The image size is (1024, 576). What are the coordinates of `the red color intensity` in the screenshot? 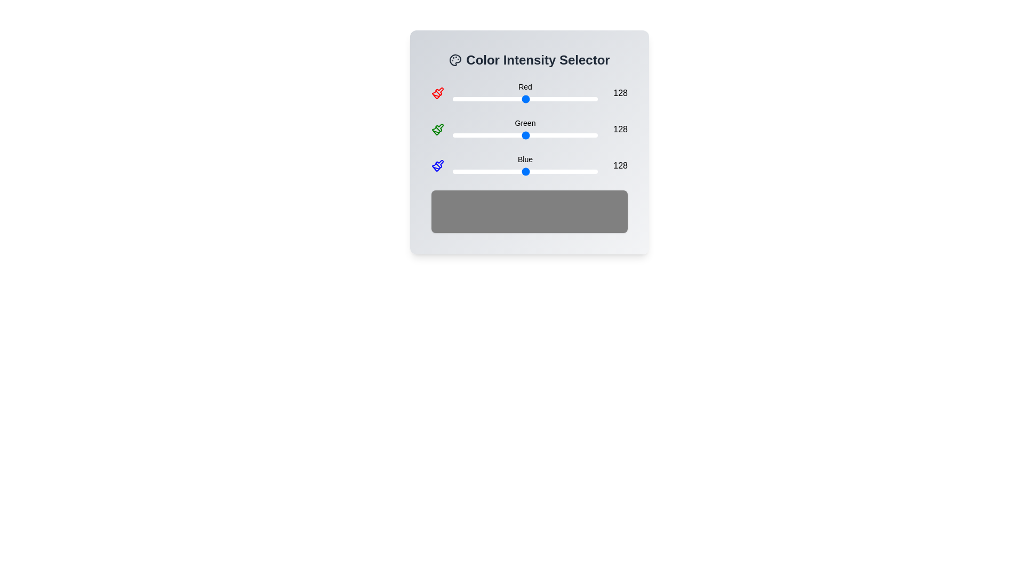 It's located at (553, 99).